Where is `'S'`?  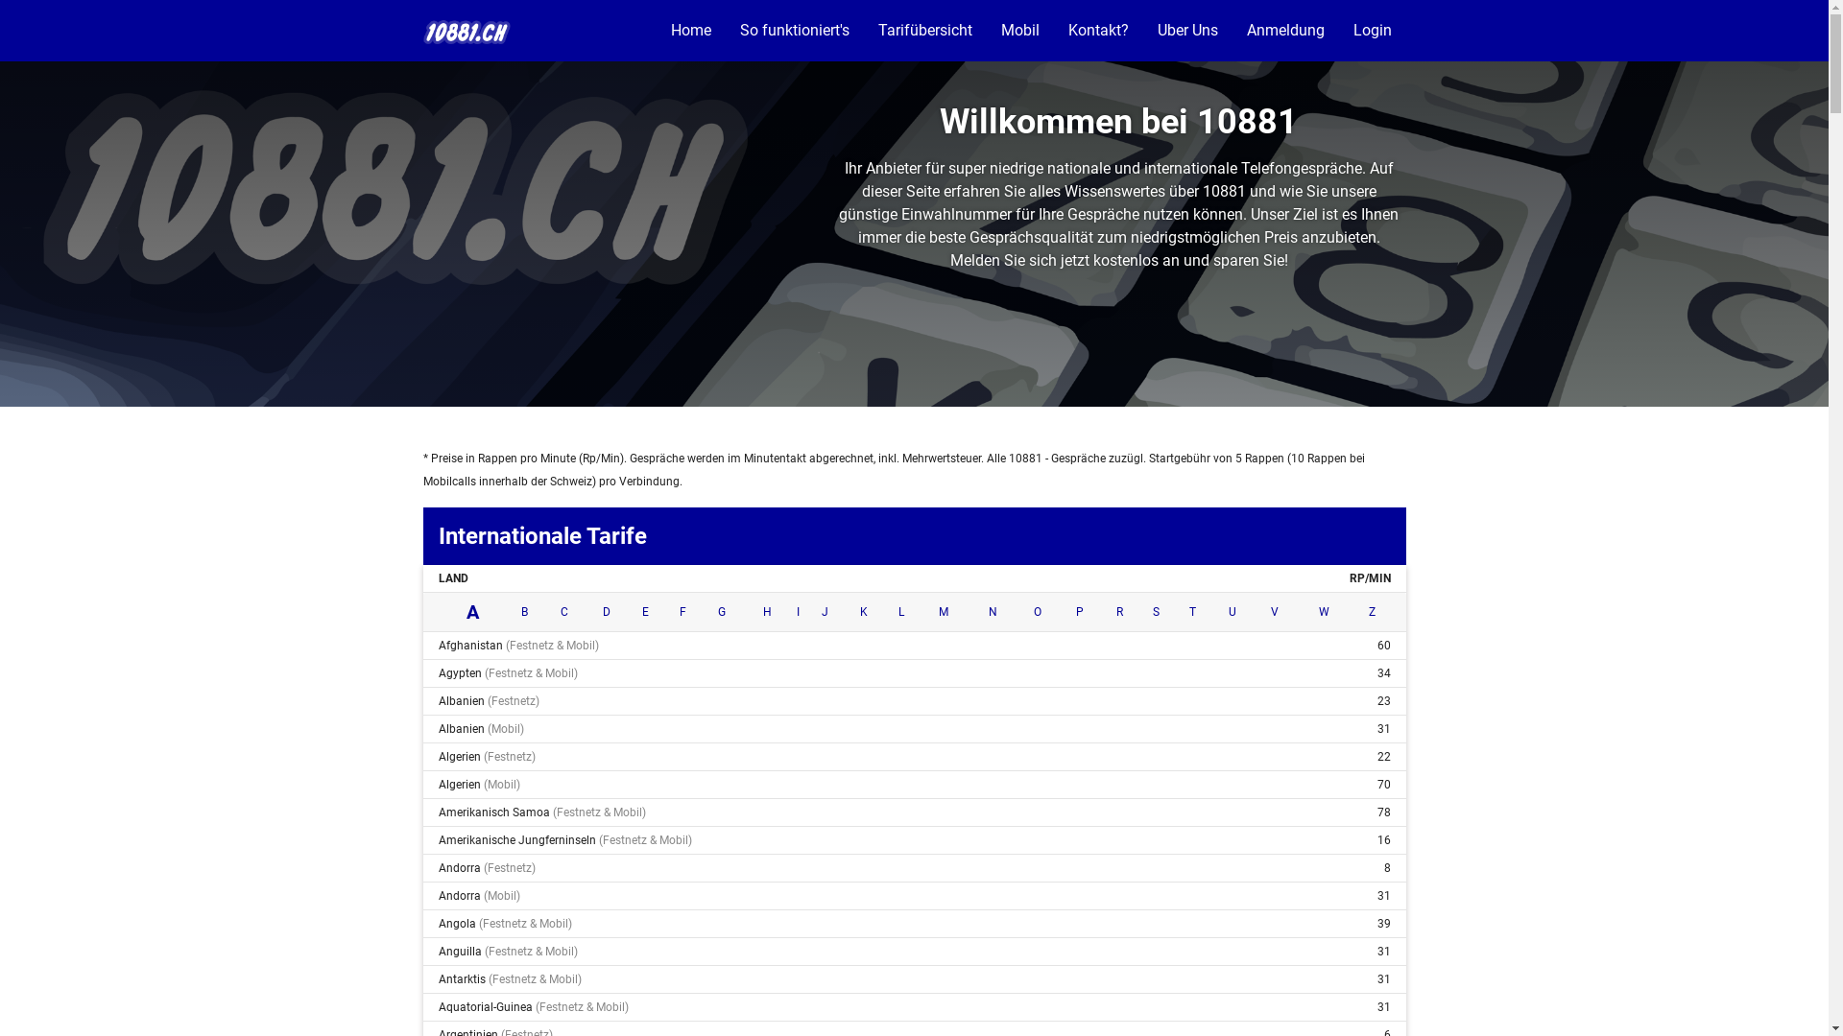 'S' is located at coordinates (1155, 611).